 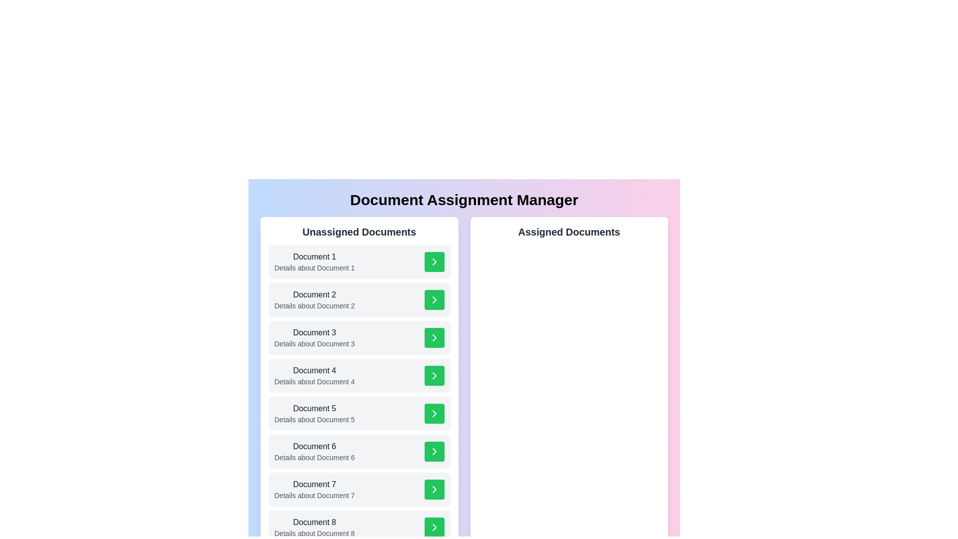 What do you see at coordinates (314, 371) in the screenshot?
I see `the text label displaying 'Document 4' situated within the 'Unassigned Documents' list, which is the fourth item in the list` at bounding box center [314, 371].